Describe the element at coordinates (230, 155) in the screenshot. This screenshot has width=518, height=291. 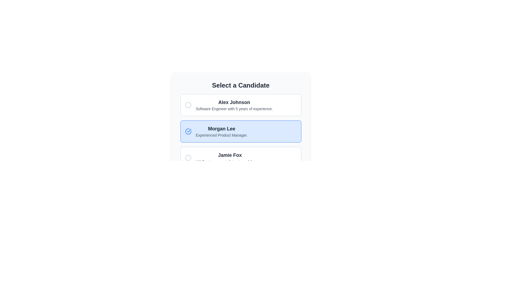
I see `the static text element that serves as the title for the candidate profile, positioned centrally in the third option block of the vertical list layout` at that location.